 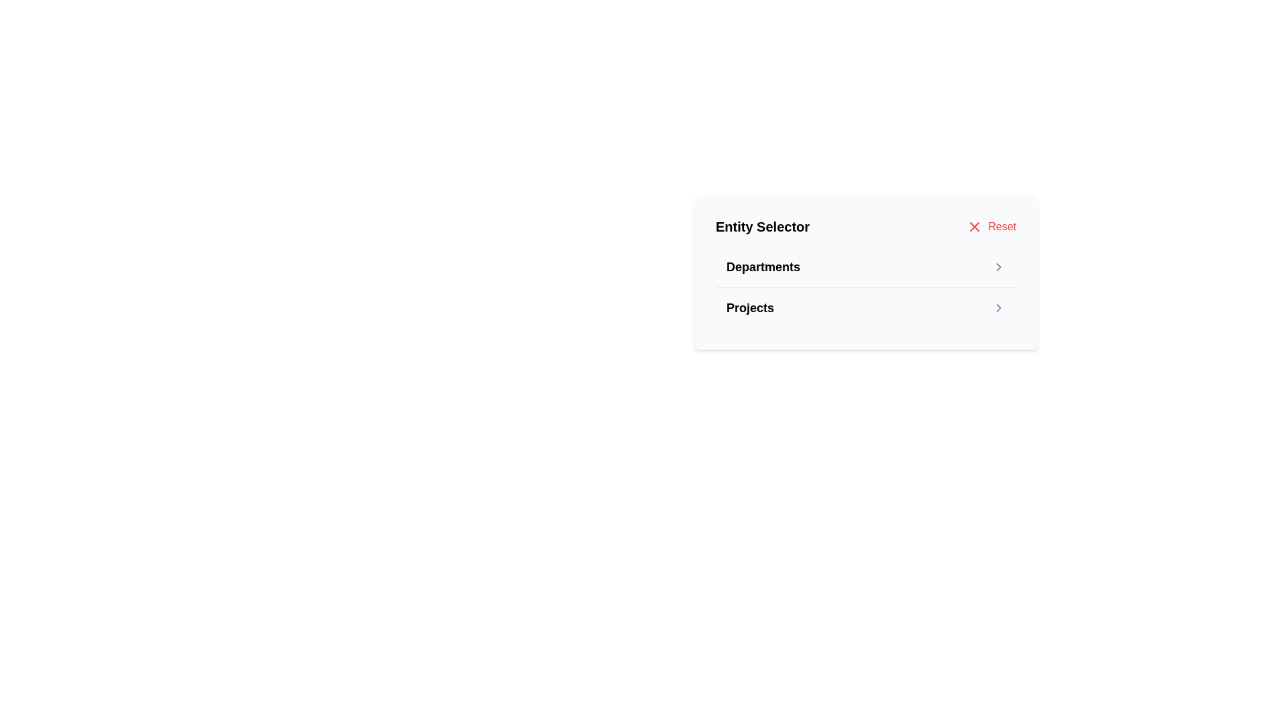 What do you see at coordinates (998, 308) in the screenshot?
I see `the arrow icon on the right-hand side of the 'Projects' interactive row to invoke navigation to the associated subpage or detailed view` at bounding box center [998, 308].